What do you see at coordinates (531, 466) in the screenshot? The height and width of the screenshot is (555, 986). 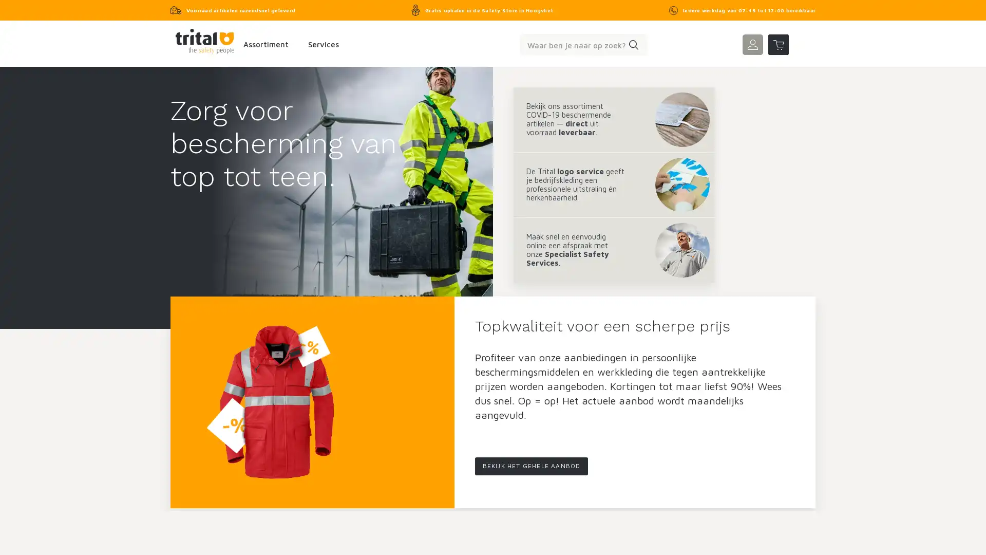 I see `BEKIJK HET GEHELE AANBOD` at bounding box center [531, 466].